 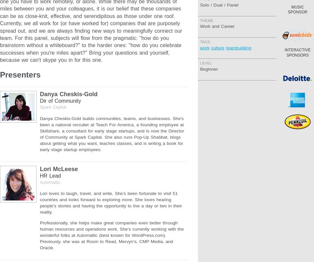 What do you see at coordinates (217, 26) in the screenshot?
I see `'Work and Career'` at bounding box center [217, 26].